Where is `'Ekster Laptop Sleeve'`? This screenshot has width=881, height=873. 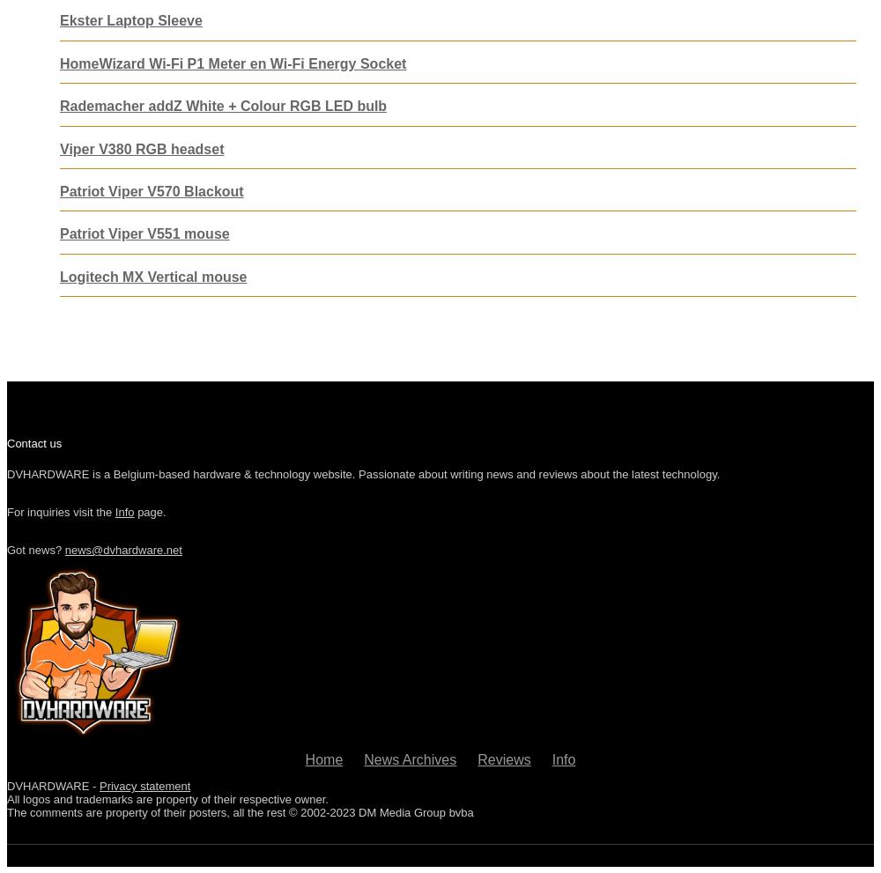 'Ekster Laptop Sleeve' is located at coordinates (59, 19).